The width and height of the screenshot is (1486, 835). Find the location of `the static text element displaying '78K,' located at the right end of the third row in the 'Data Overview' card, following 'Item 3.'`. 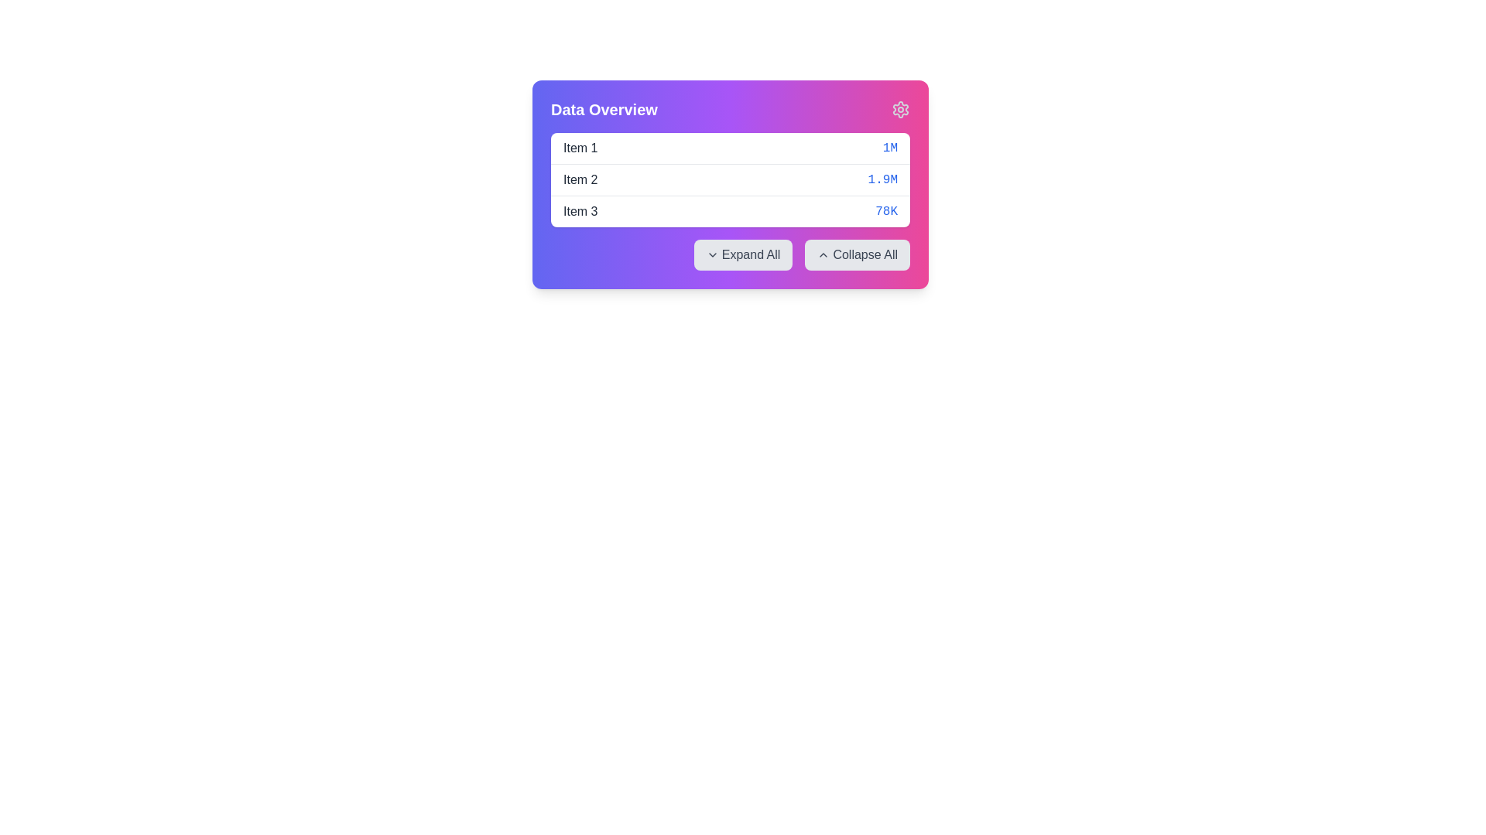

the static text element displaying '78K,' located at the right end of the third row in the 'Data Overview' card, following 'Item 3.' is located at coordinates (886, 211).